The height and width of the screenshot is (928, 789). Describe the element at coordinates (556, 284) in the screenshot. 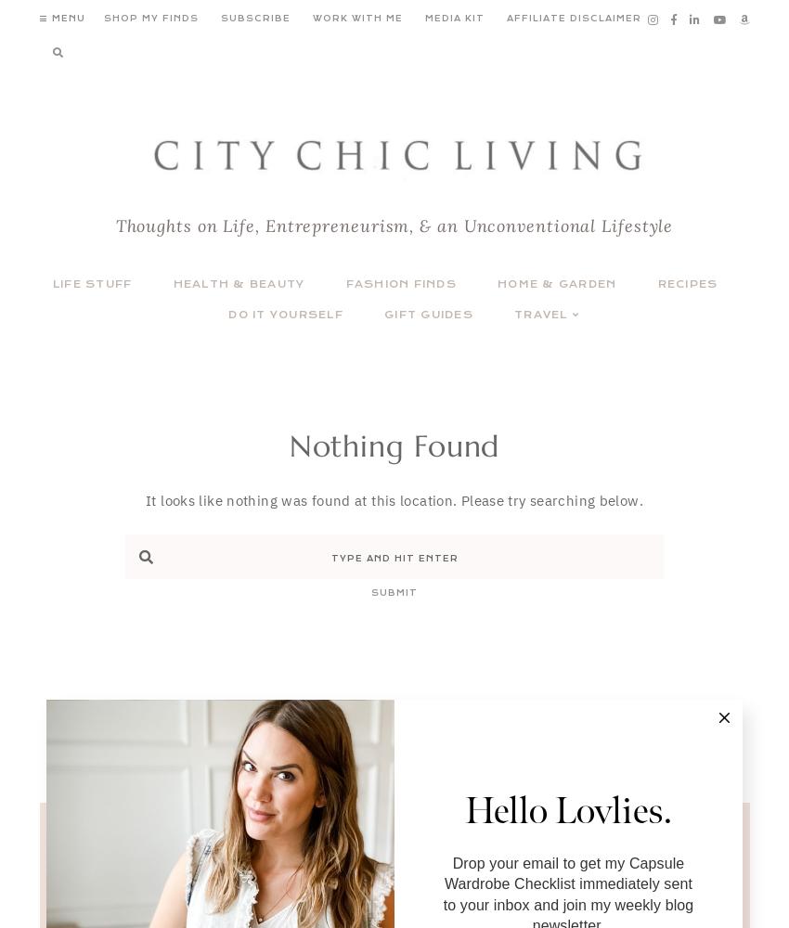

I see `'Home & Garden'` at that location.